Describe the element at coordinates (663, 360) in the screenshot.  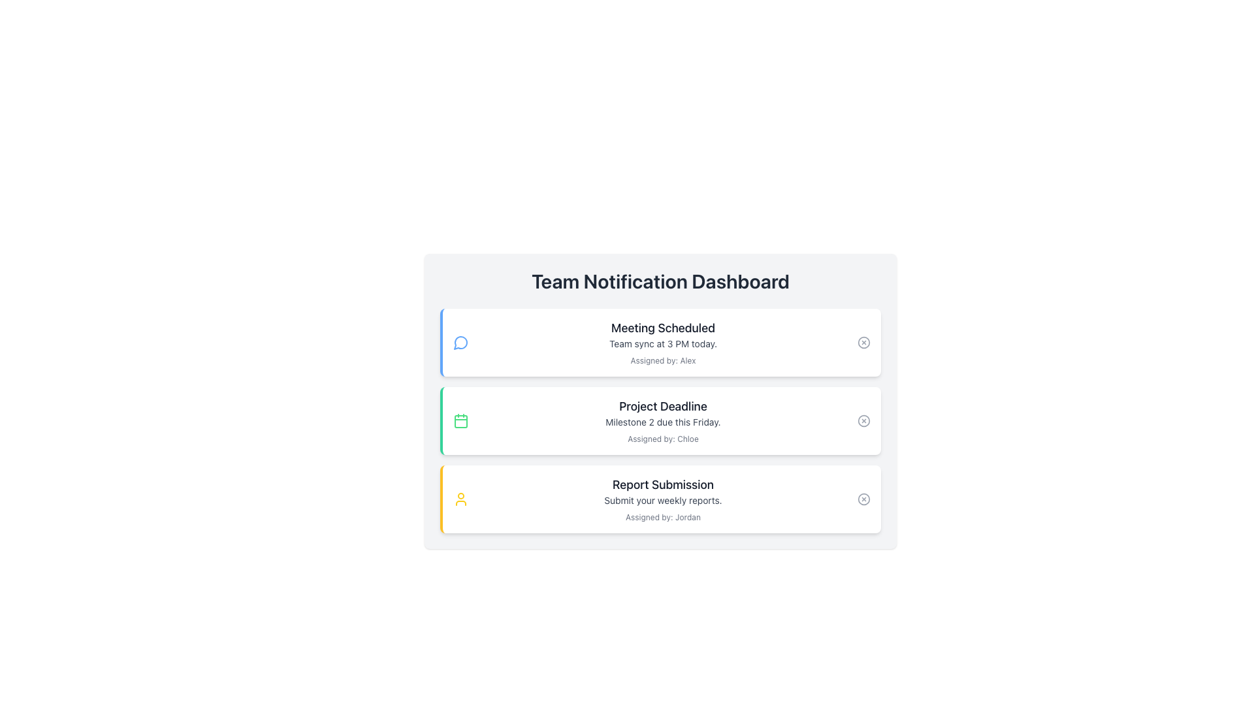
I see `attribution text located at the bottom of the first notification card in the 'Team Notification Dashboard'` at that location.